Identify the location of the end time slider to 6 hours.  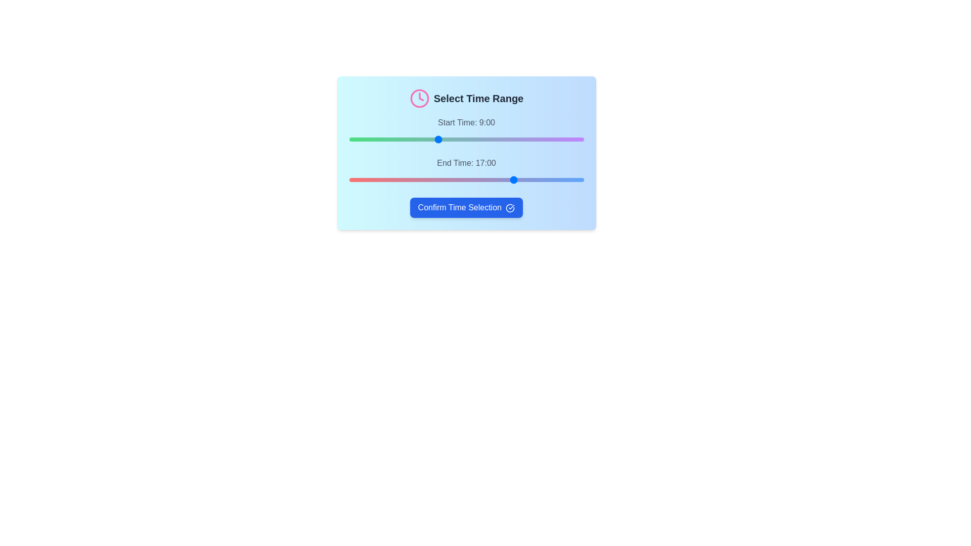
(408, 179).